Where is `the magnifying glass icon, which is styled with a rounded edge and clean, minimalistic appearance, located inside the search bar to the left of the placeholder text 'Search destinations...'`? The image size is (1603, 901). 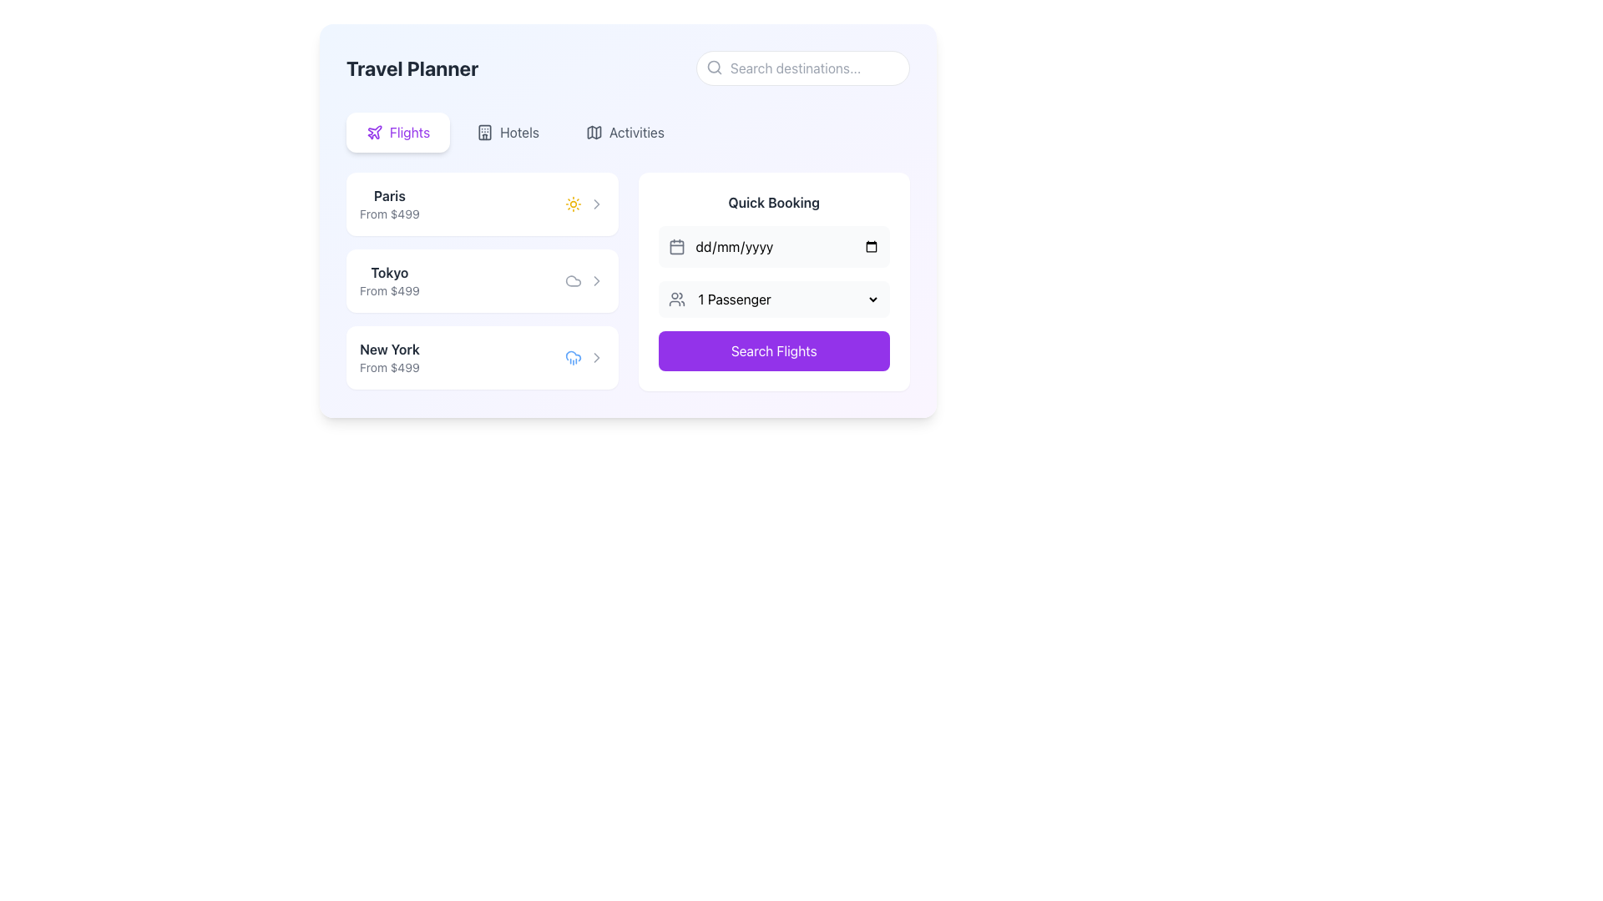
the magnifying glass icon, which is styled with a rounded edge and clean, minimalistic appearance, located inside the search bar to the left of the placeholder text 'Search destinations...' is located at coordinates (714, 67).